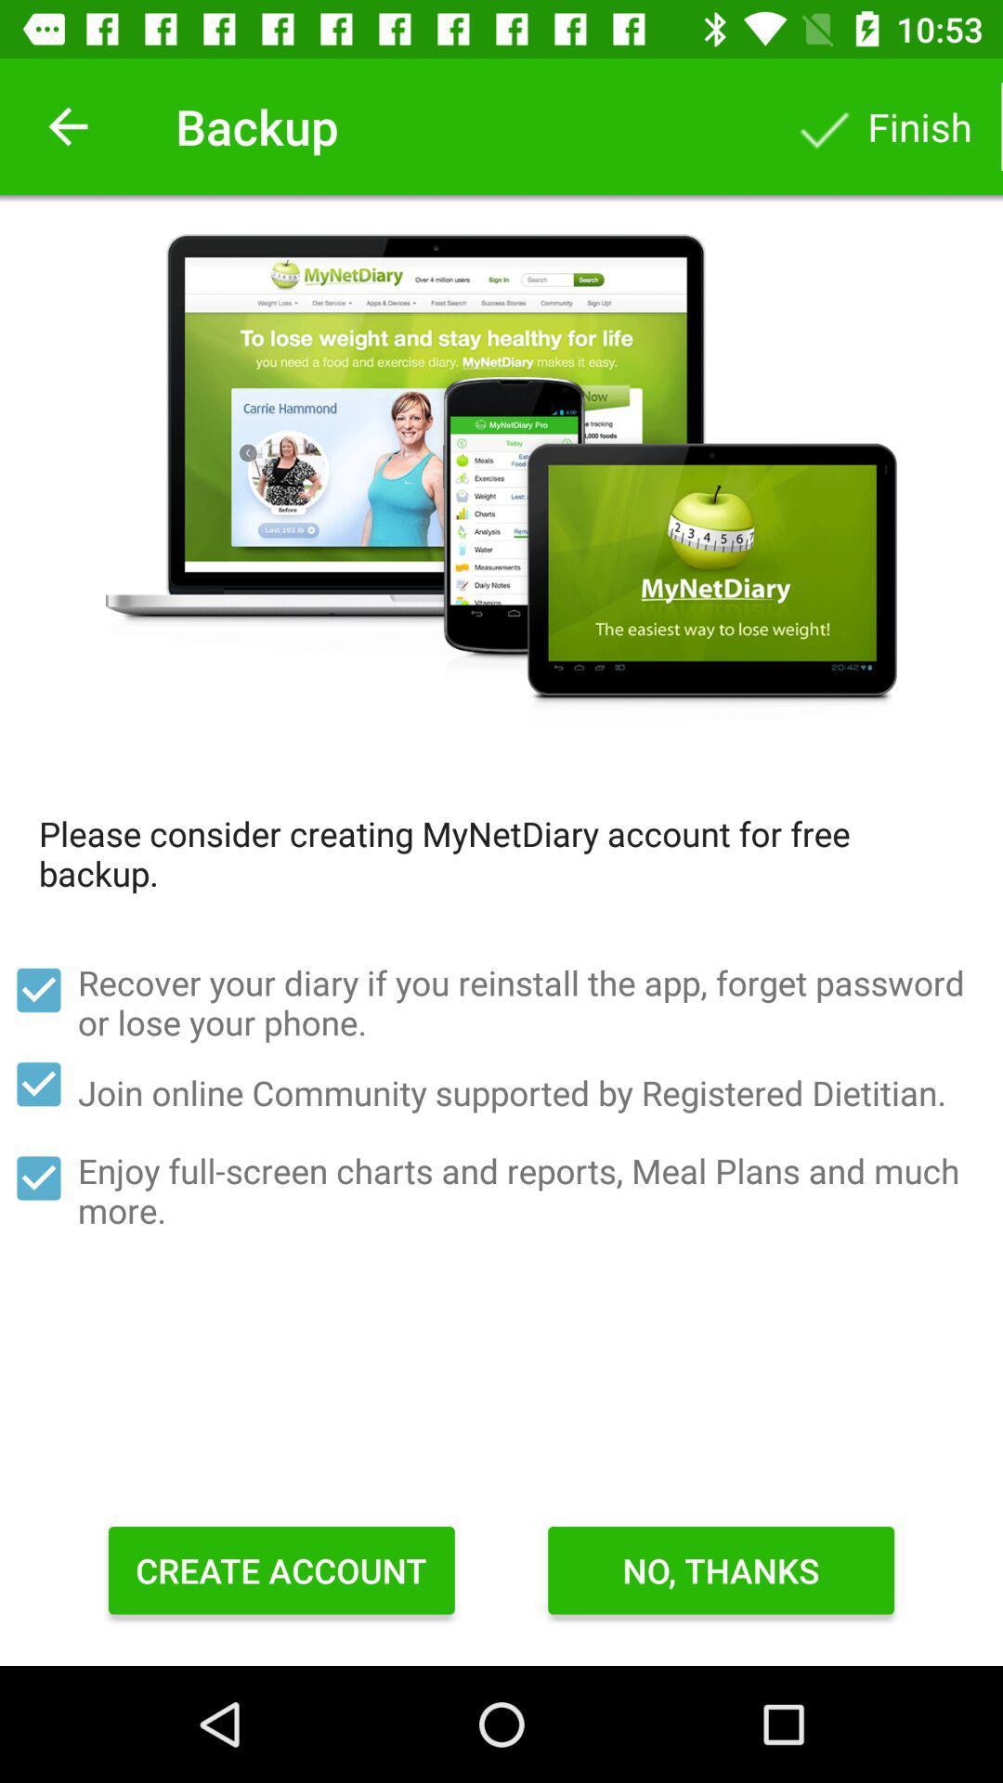 The image size is (1003, 1783). What do you see at coordinates (67, 125) in the screenshot?
I see `icon to the left of backup` at bounding box center [67, 125].